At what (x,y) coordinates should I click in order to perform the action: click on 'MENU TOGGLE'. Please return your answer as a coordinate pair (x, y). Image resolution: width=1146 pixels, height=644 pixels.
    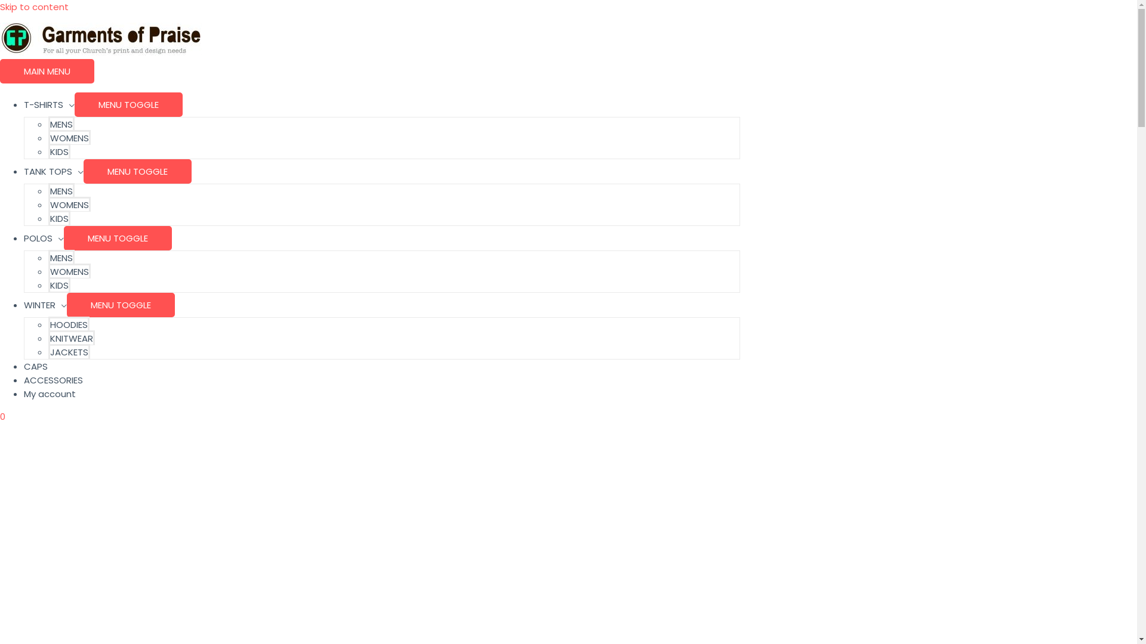
    Looking at the image, I should click on (137, 171).